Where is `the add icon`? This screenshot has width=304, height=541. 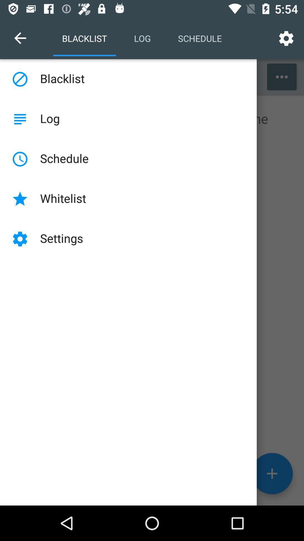
the add icon is located at coordinates (272, 473).